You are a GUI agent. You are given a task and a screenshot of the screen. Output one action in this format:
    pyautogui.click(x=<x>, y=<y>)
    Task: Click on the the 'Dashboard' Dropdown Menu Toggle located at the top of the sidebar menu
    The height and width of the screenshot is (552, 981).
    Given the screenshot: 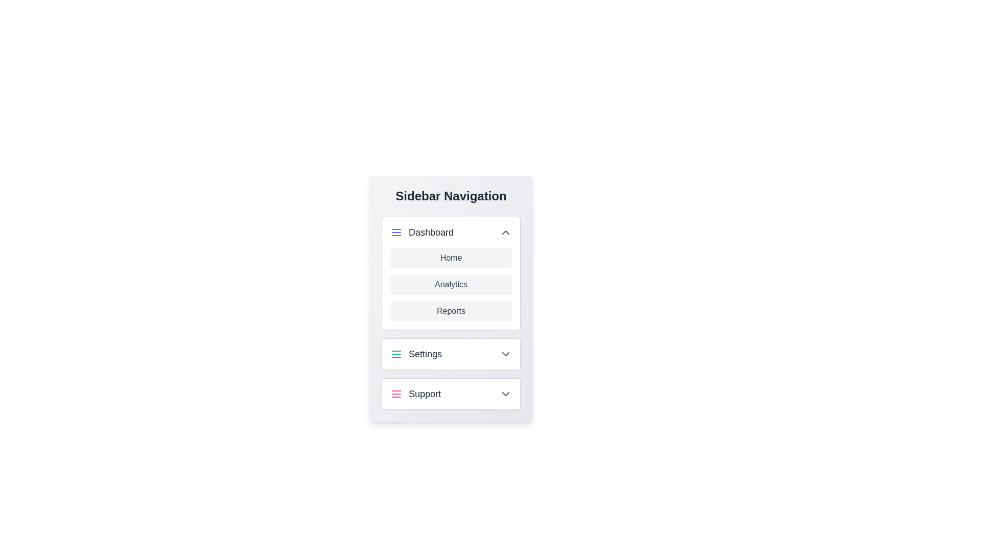 What is the action you would take?
    pyautogui.click(x=451, y=233)
    